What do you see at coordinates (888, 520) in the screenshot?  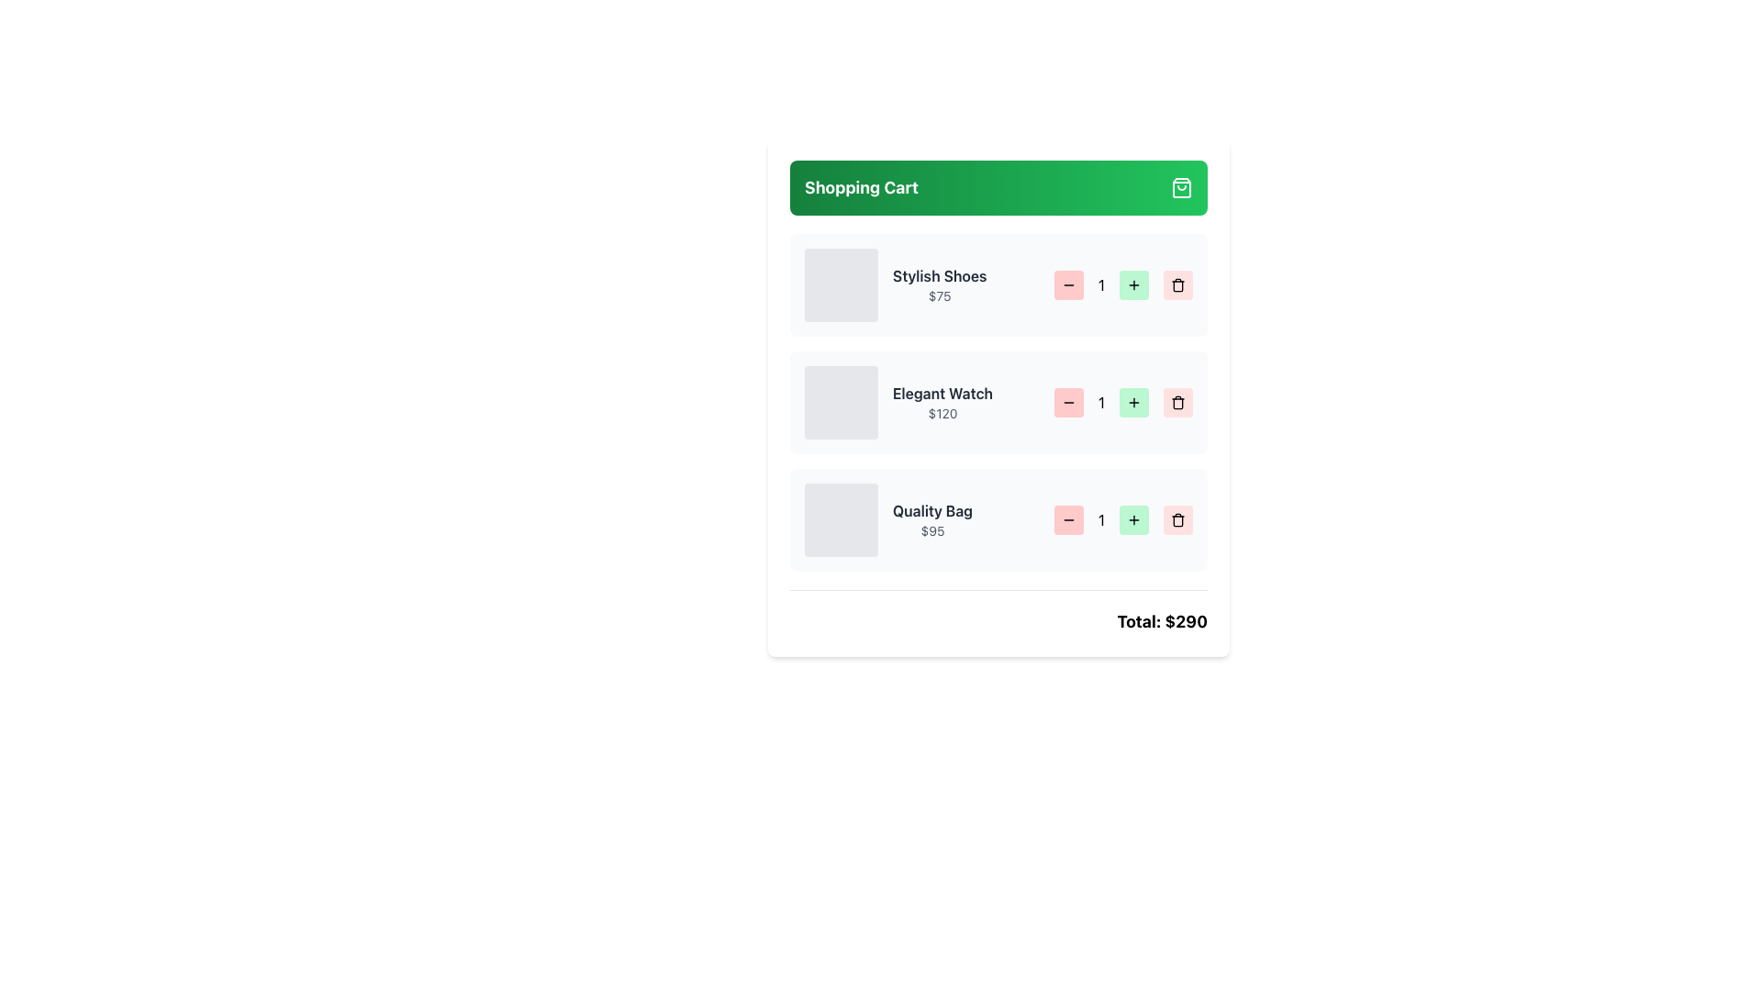 I see `the Product Display Card for 'Quality Bag' priced at '$95'` at bounding box center [888, 520].